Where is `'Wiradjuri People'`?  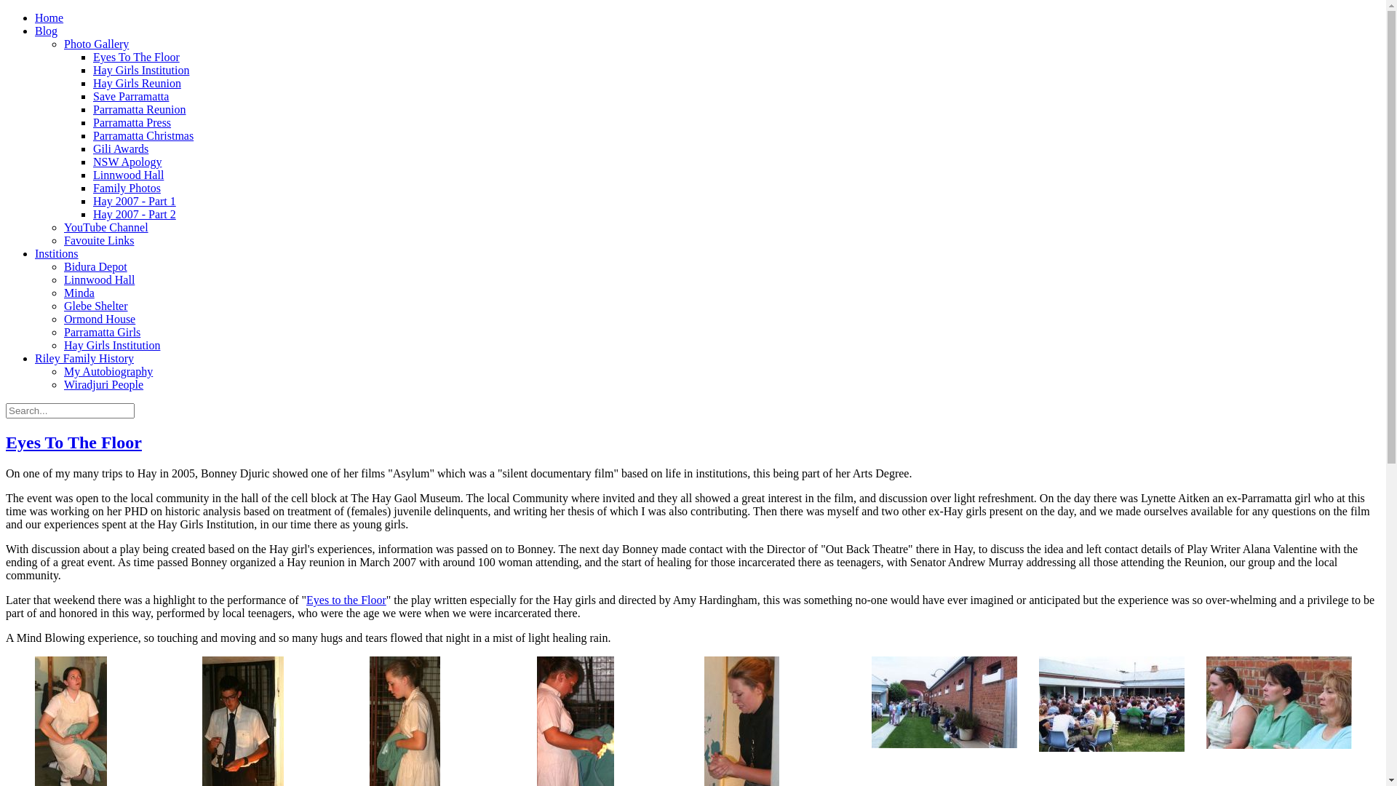
'Wiradjuri People' is located at coordinates (103, 384).